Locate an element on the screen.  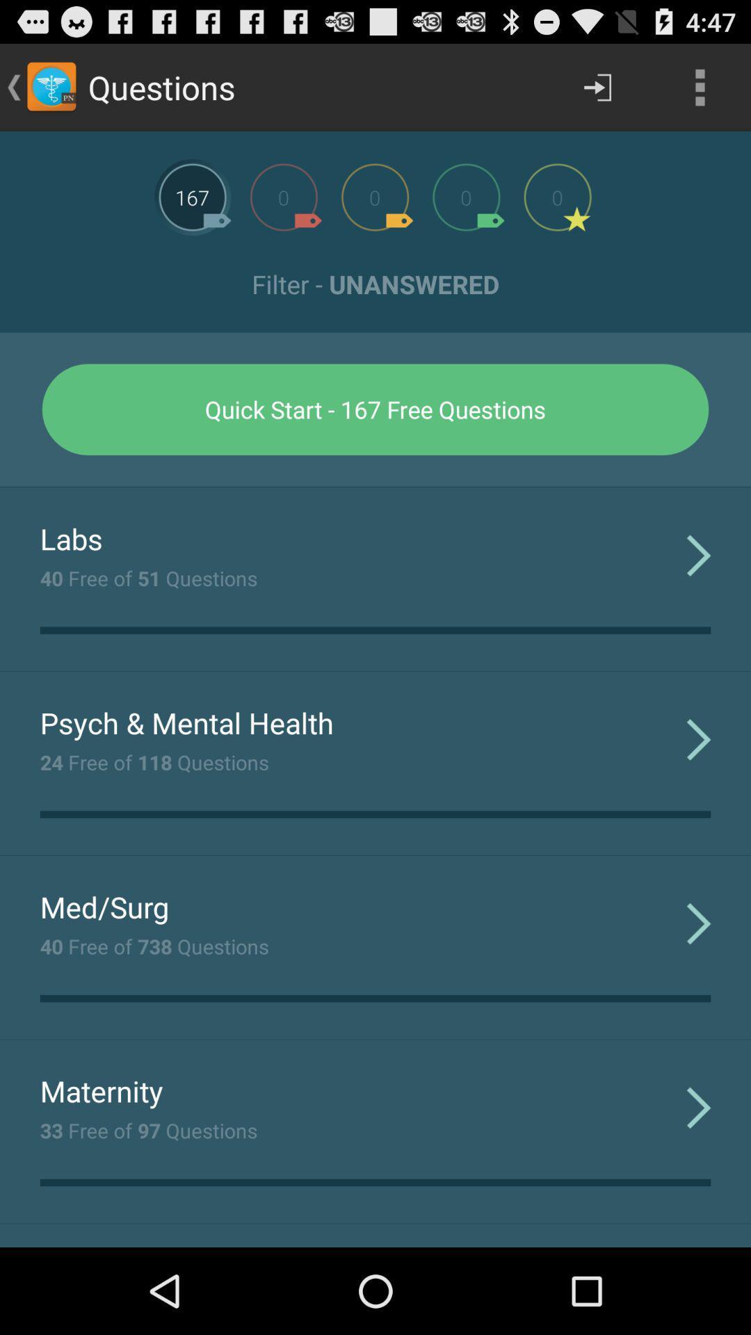
fourth list of questions is located at coordinates (466, 196).